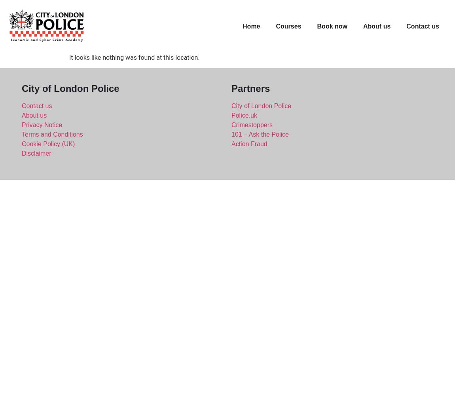 The width and height of the screenshot is (455, 396). I want to click on 'Crimestoppers', so click(251, 124).